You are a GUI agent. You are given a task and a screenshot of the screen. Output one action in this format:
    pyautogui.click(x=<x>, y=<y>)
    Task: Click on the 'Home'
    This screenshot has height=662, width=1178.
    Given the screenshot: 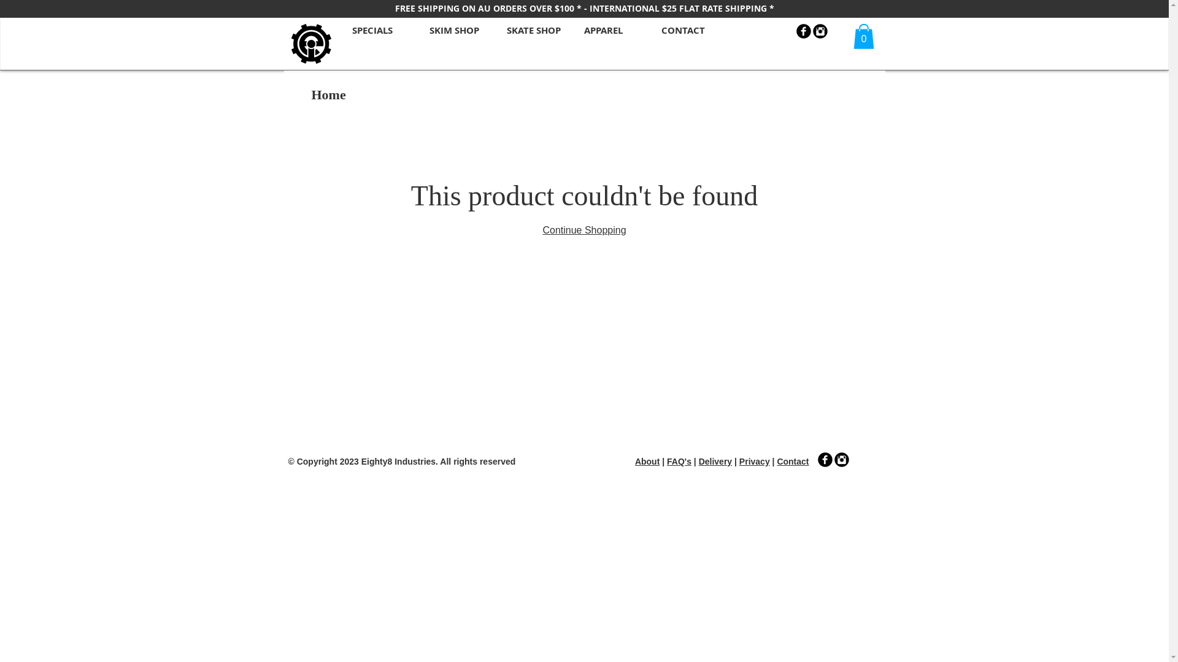 What is the action you would take?
    pyautogui.click(x=312, y=94)
    